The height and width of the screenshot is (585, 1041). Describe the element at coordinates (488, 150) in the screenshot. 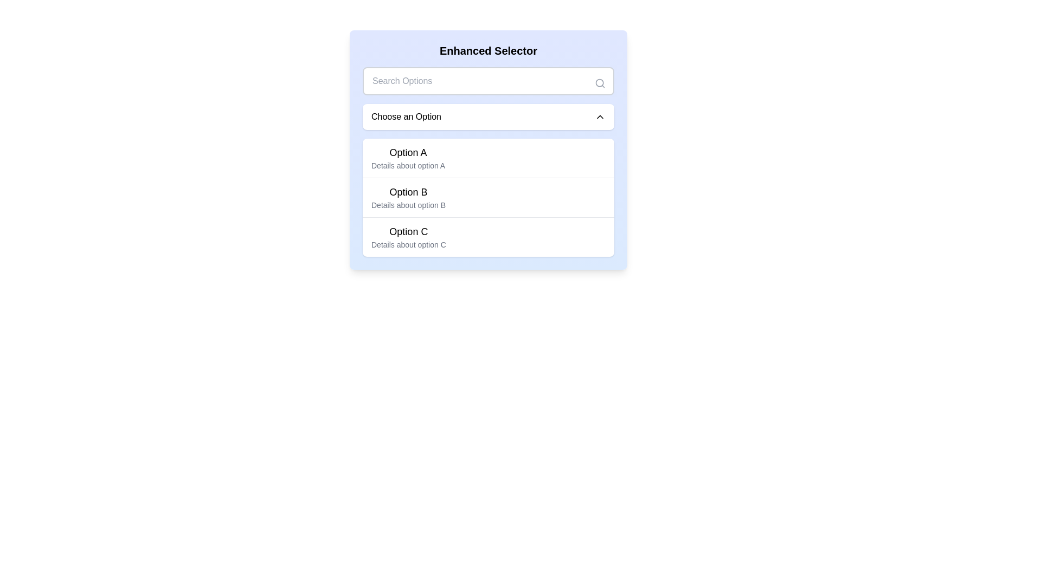

I see `the composite UI component that combines a dropdown menu, a search input, and a list` at that location.